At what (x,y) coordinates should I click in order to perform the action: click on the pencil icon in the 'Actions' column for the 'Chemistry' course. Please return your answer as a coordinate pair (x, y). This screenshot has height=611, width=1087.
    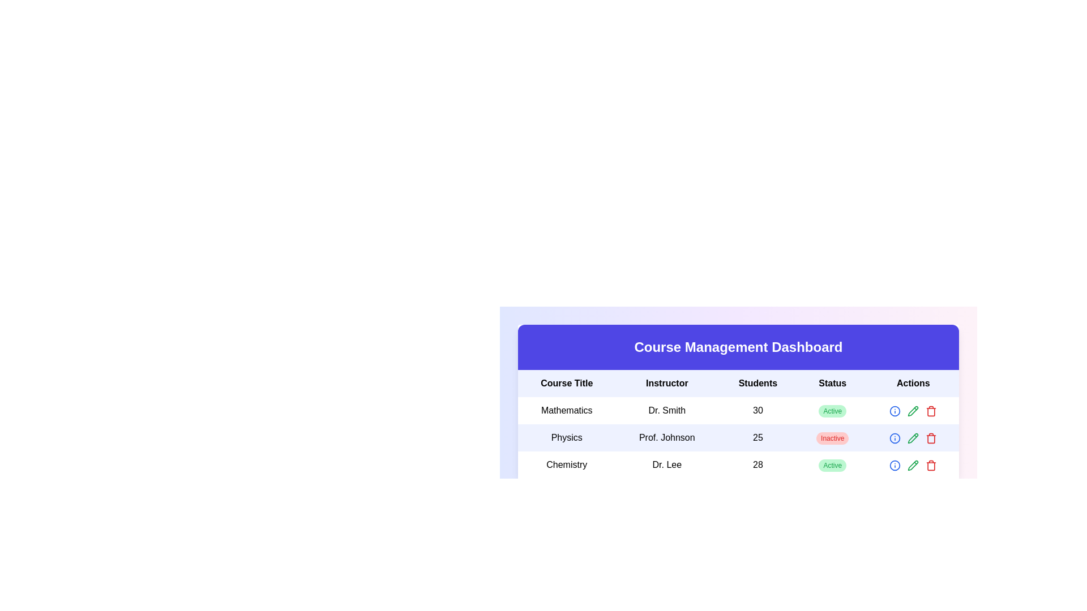
    Looking at the image, I should click on (913, 464).